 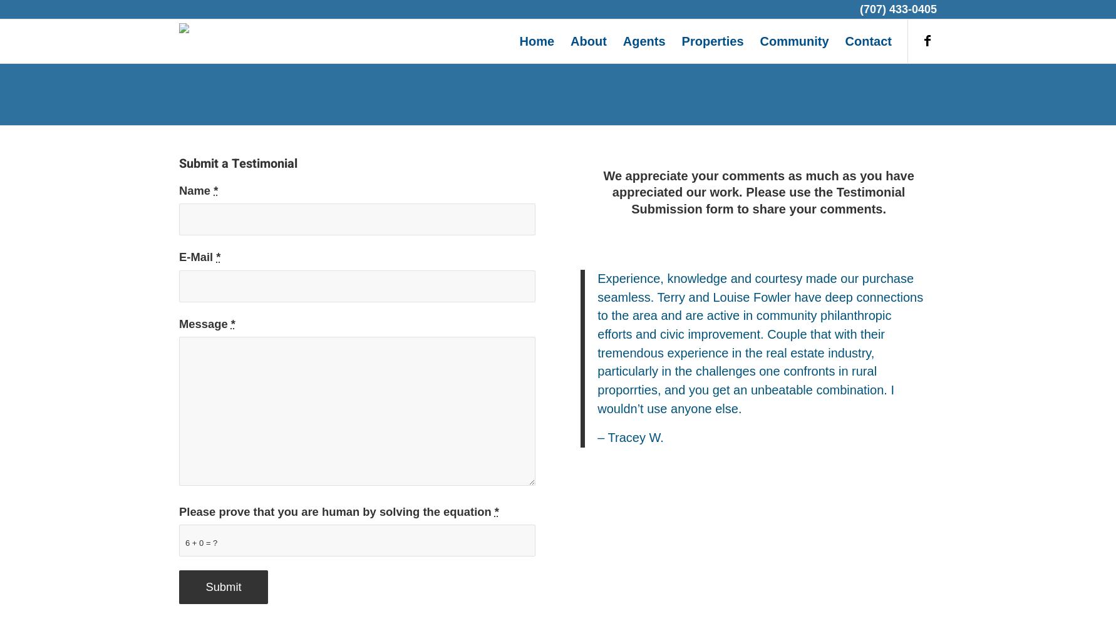 What do you see at coordinates (184, 541) in the screenshot?
I see `'6 + 0 = ?'` at bounding box center [184, 541].